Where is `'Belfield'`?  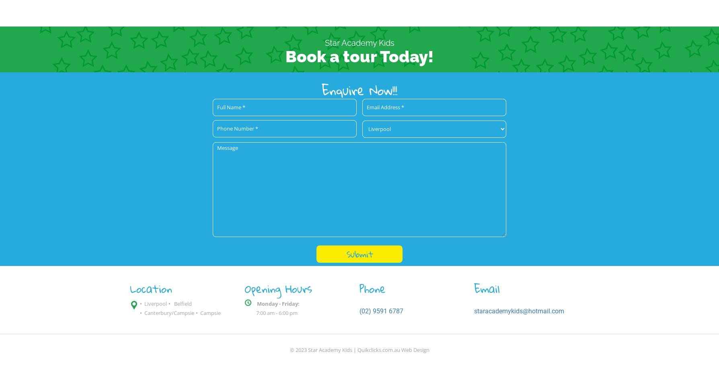
'Belfield' is located at coordinates (182, 303).